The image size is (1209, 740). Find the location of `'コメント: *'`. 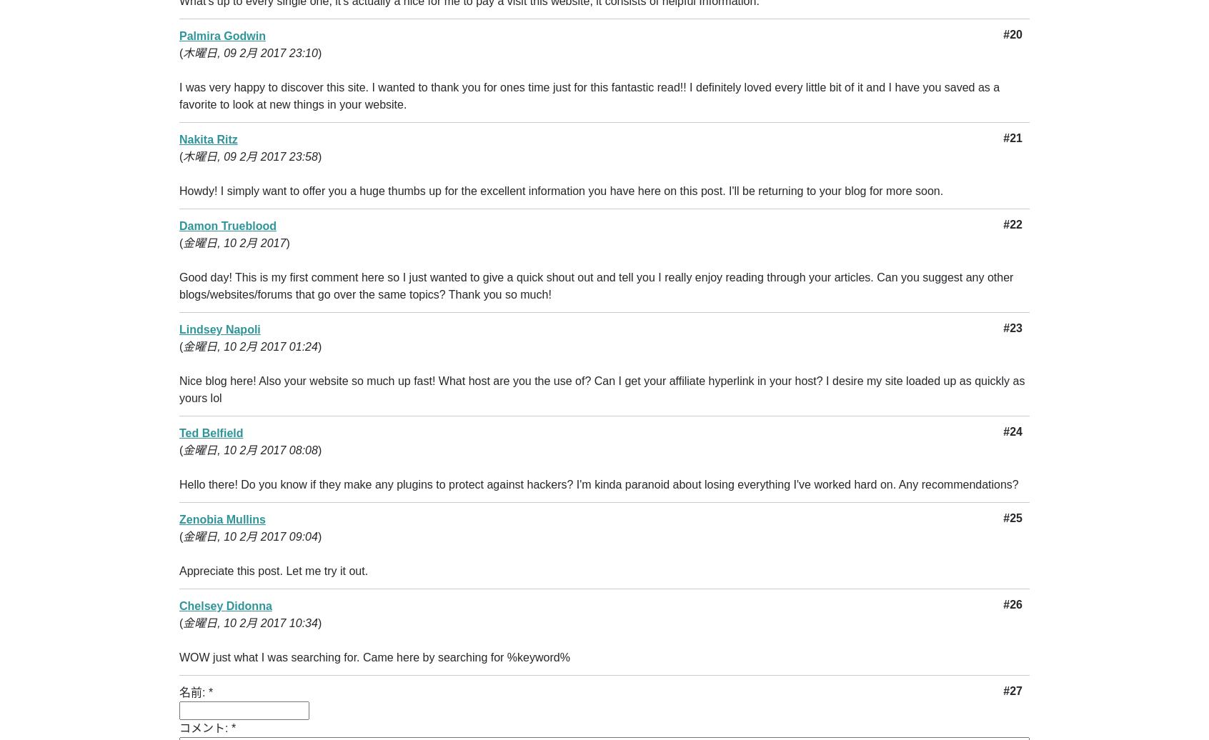

'コメント: *' is located at coordinates (179, 728).